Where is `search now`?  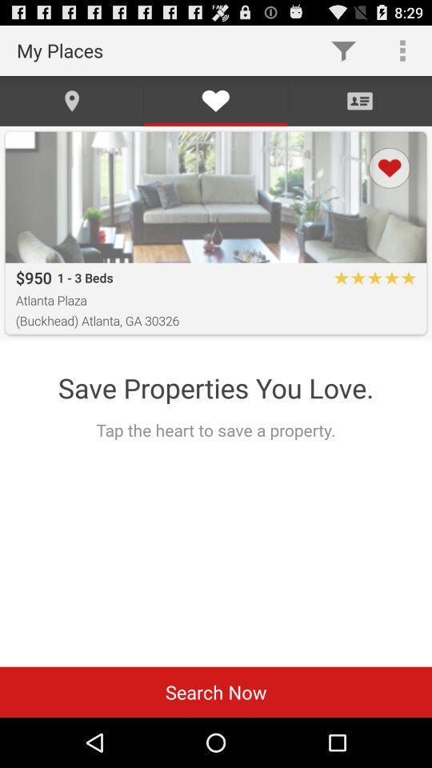
search now is located at coordinates (216, 691).